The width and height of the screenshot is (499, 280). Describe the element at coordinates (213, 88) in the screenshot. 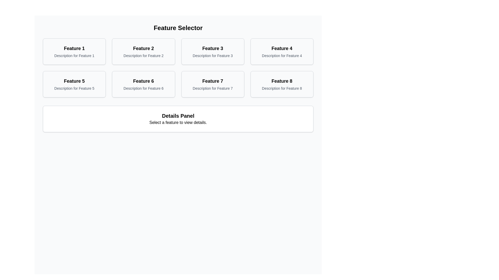

I see `the static text that provides a description for the 'Feature 7' card, located in the lower portion of the card in the second row and third column of the grid layout` at that location.